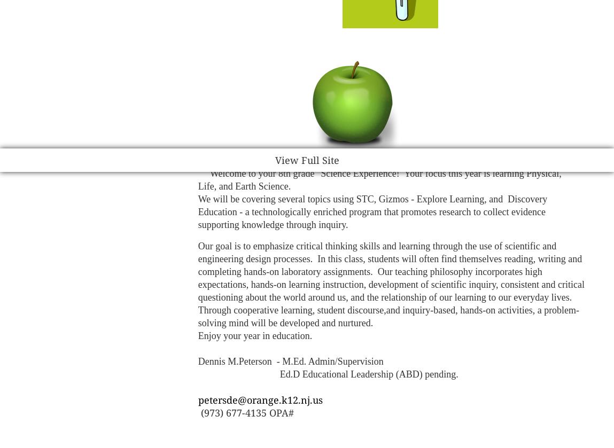 The width and height of the screenshot is (614, 448). What do you see at coordinates (372, 212) in the screenshot?
I see `'We will be covering several topics using STC, Gizmos - Explore Learning, and  Discovery Education - a technologically enriched program that promotes research to collect evidence supporting knowledge through inquiry.'` at bounding box center [372, 212].